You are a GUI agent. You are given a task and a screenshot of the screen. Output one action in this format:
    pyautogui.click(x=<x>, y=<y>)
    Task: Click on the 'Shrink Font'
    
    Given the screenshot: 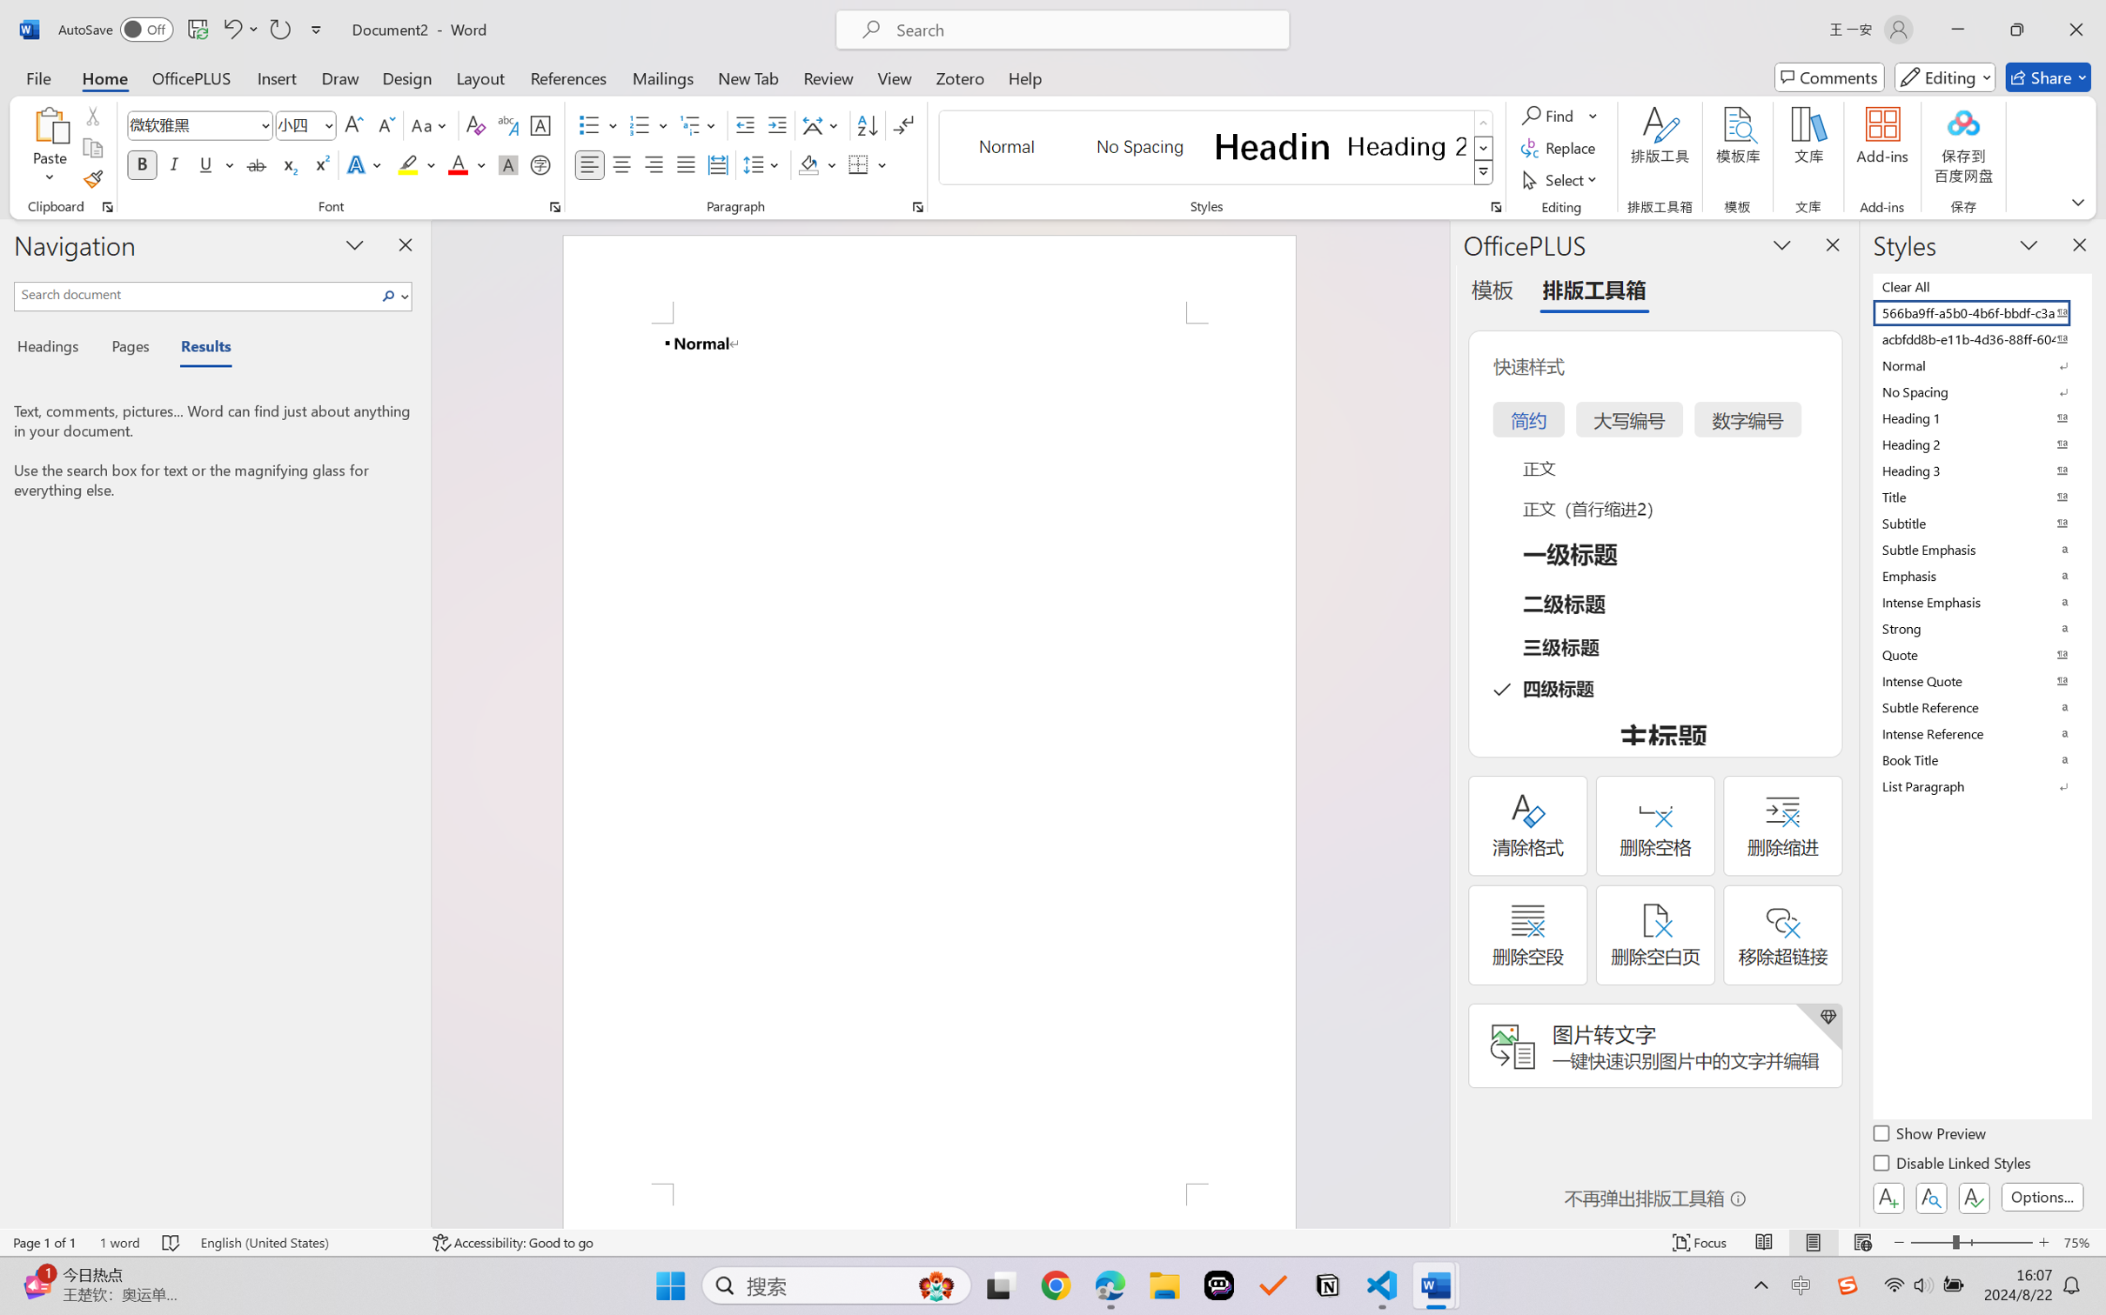 What is the action you would take?
    pyautogui.click(x=384, y=125)
    